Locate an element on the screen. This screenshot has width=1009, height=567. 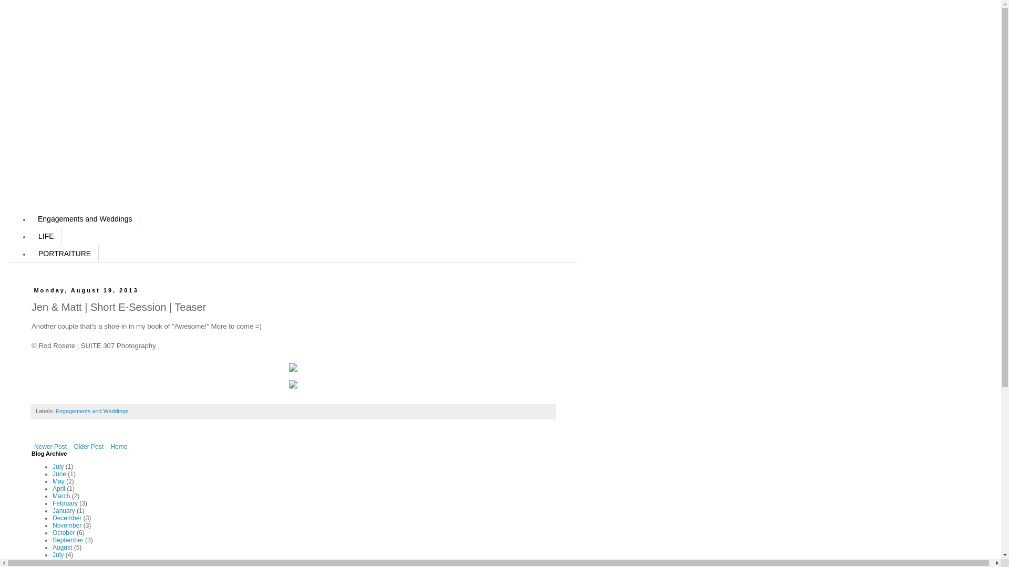
'Older Post' is located at coordinates (88, 447).